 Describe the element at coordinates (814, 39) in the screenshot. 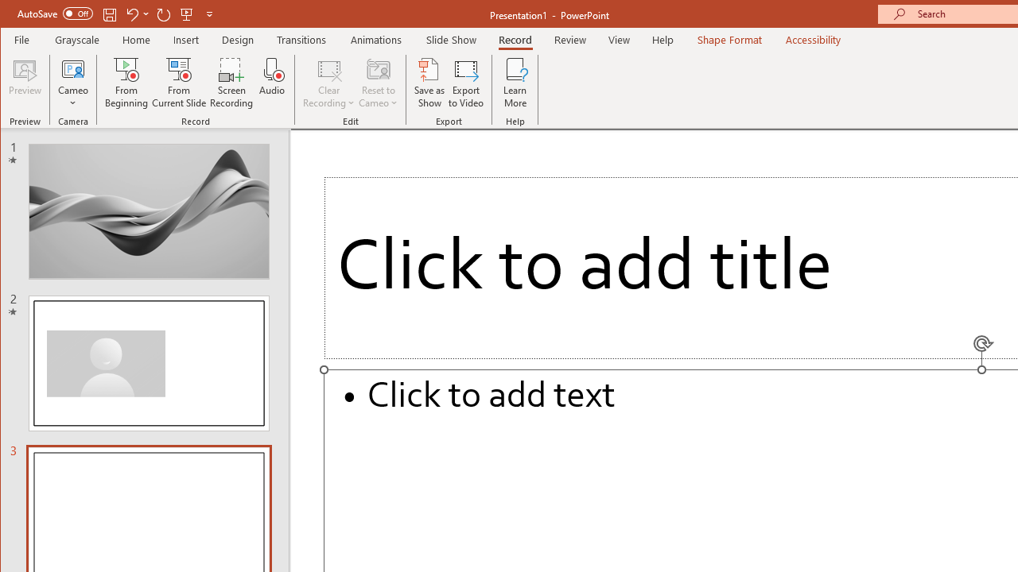

I see `'Accessibility'` at that location.